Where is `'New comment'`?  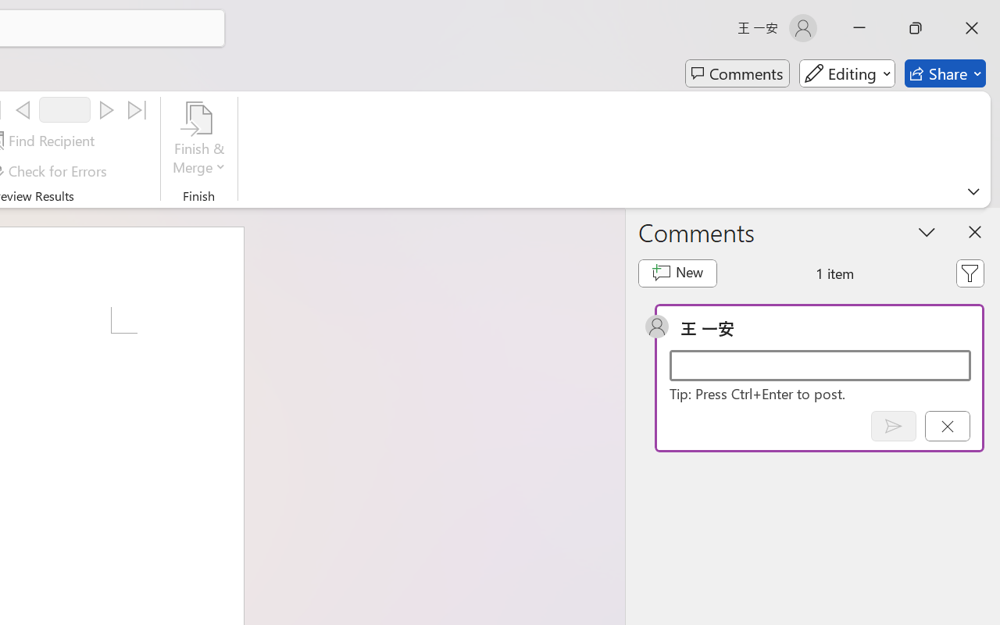 'New comment' is located at coordinates (677, 273).